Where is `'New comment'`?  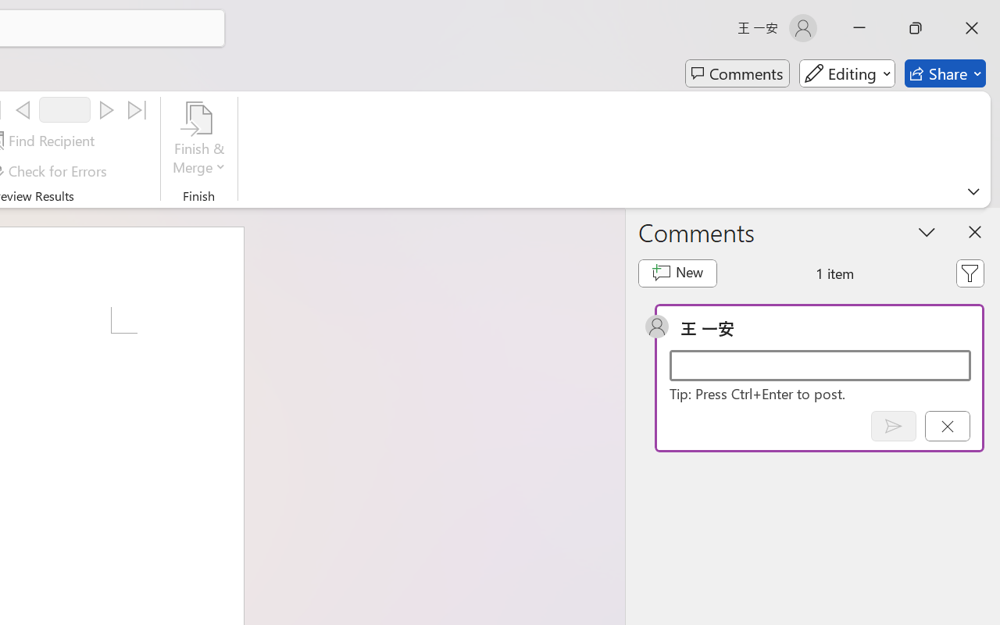 'New comment' is located at coordinates (677, 273).